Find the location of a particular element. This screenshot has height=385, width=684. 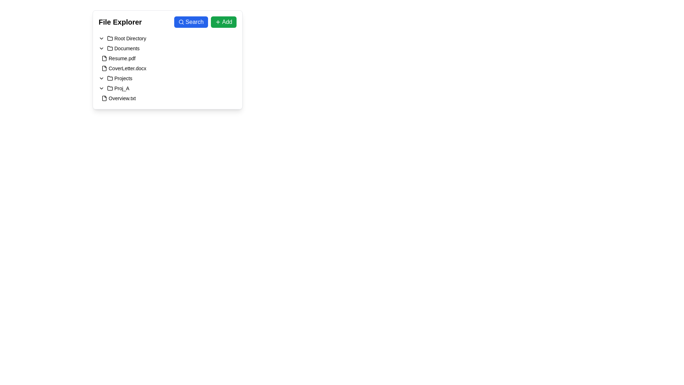

the document file icon that represents 'CoverLetter.docx' is located at coordinates (104, 68).